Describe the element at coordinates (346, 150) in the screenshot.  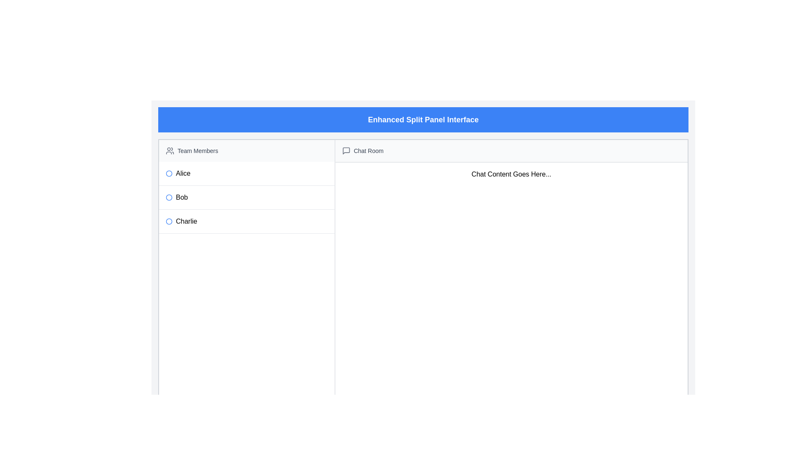
I see `the chat bubble icon located to the left of the 'Chat Room' header text` at that location.